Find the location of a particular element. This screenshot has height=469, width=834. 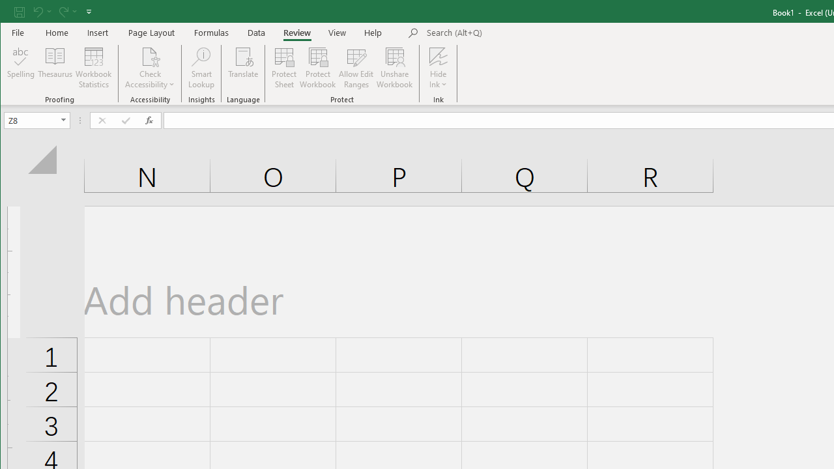

'Workbook Statistics' is located at coordinates (93, 68).